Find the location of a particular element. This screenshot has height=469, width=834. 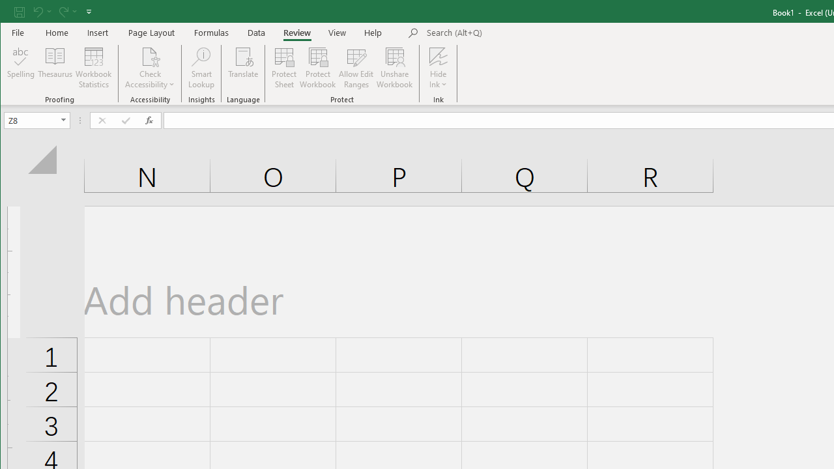

'Workbook Statistics' is located at coordinates (93, 68).